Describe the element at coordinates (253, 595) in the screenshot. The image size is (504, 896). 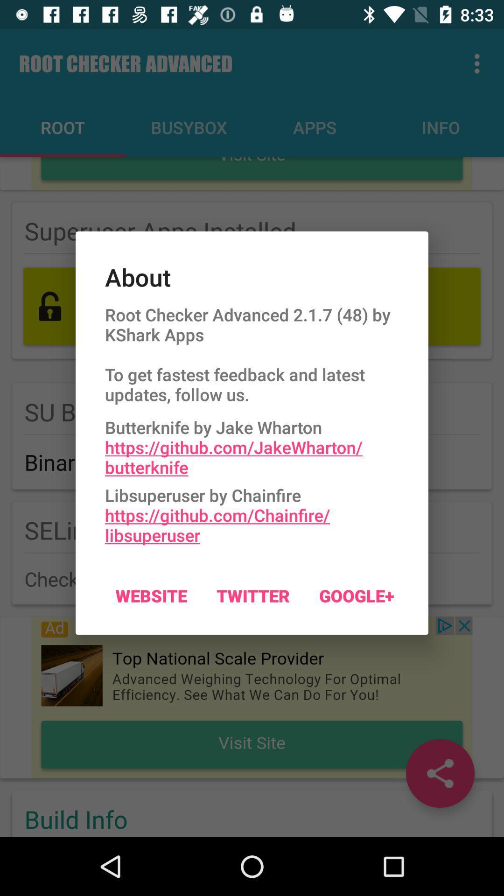
I see `the item below libsuperuser by chainfire item` at that location.